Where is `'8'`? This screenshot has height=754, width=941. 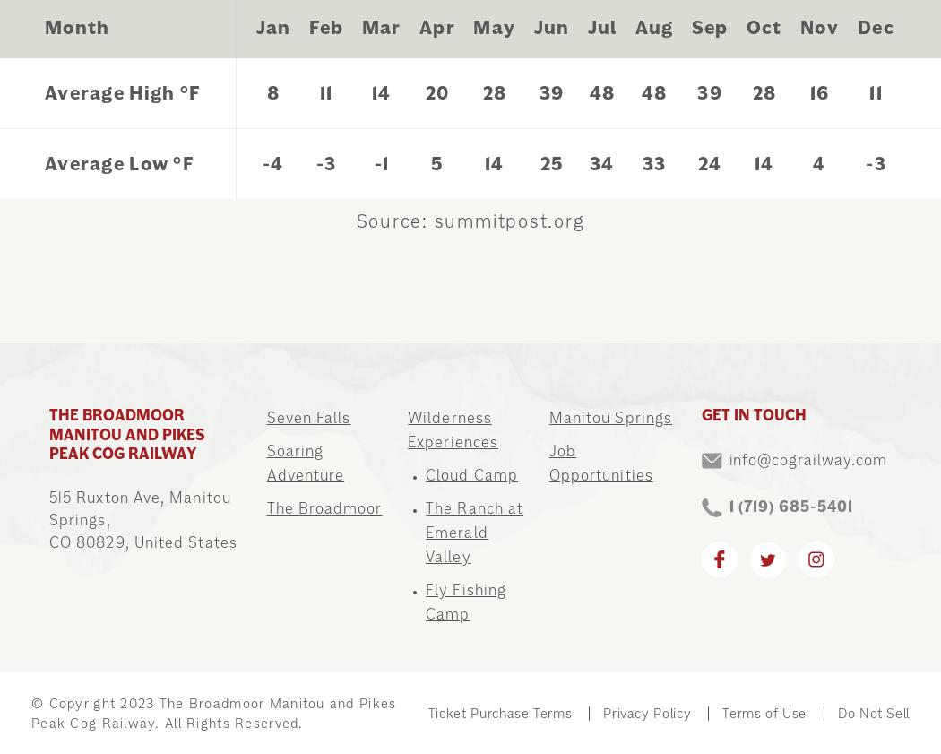 '8' is located at coordinates (272, 92).